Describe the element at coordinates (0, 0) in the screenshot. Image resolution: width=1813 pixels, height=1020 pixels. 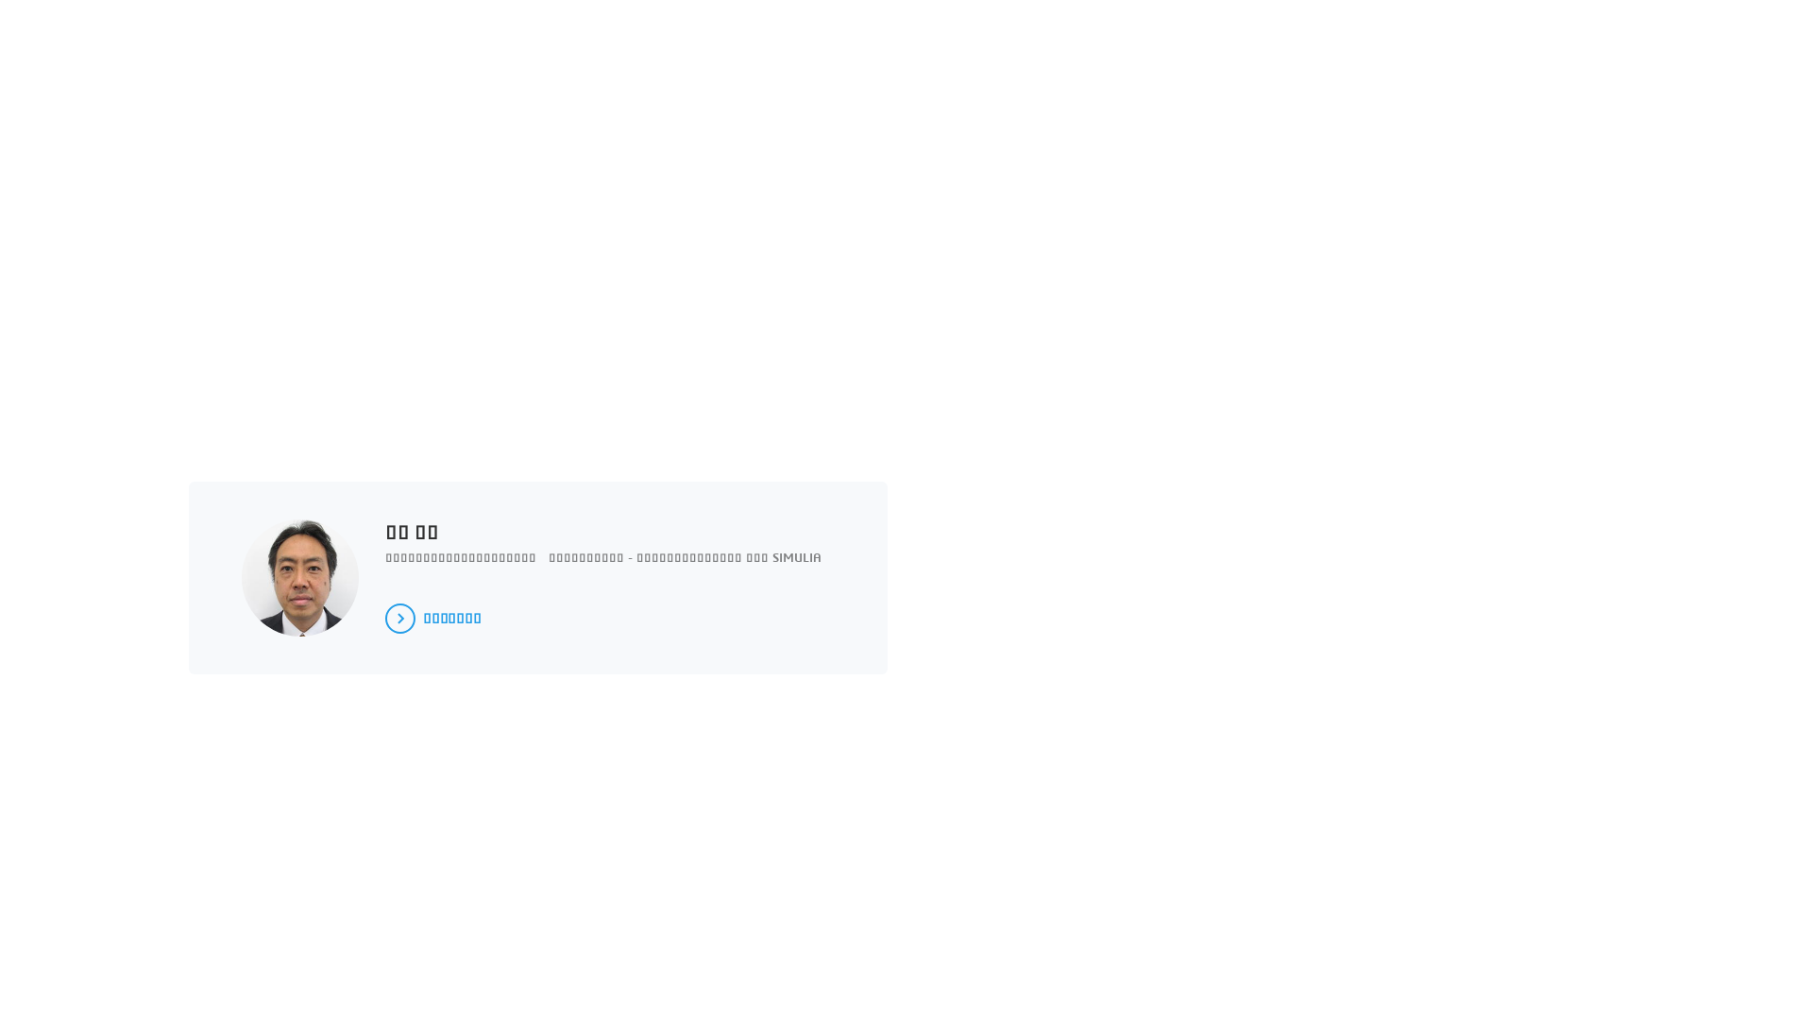
I see `'Skip to main content'` at that location.